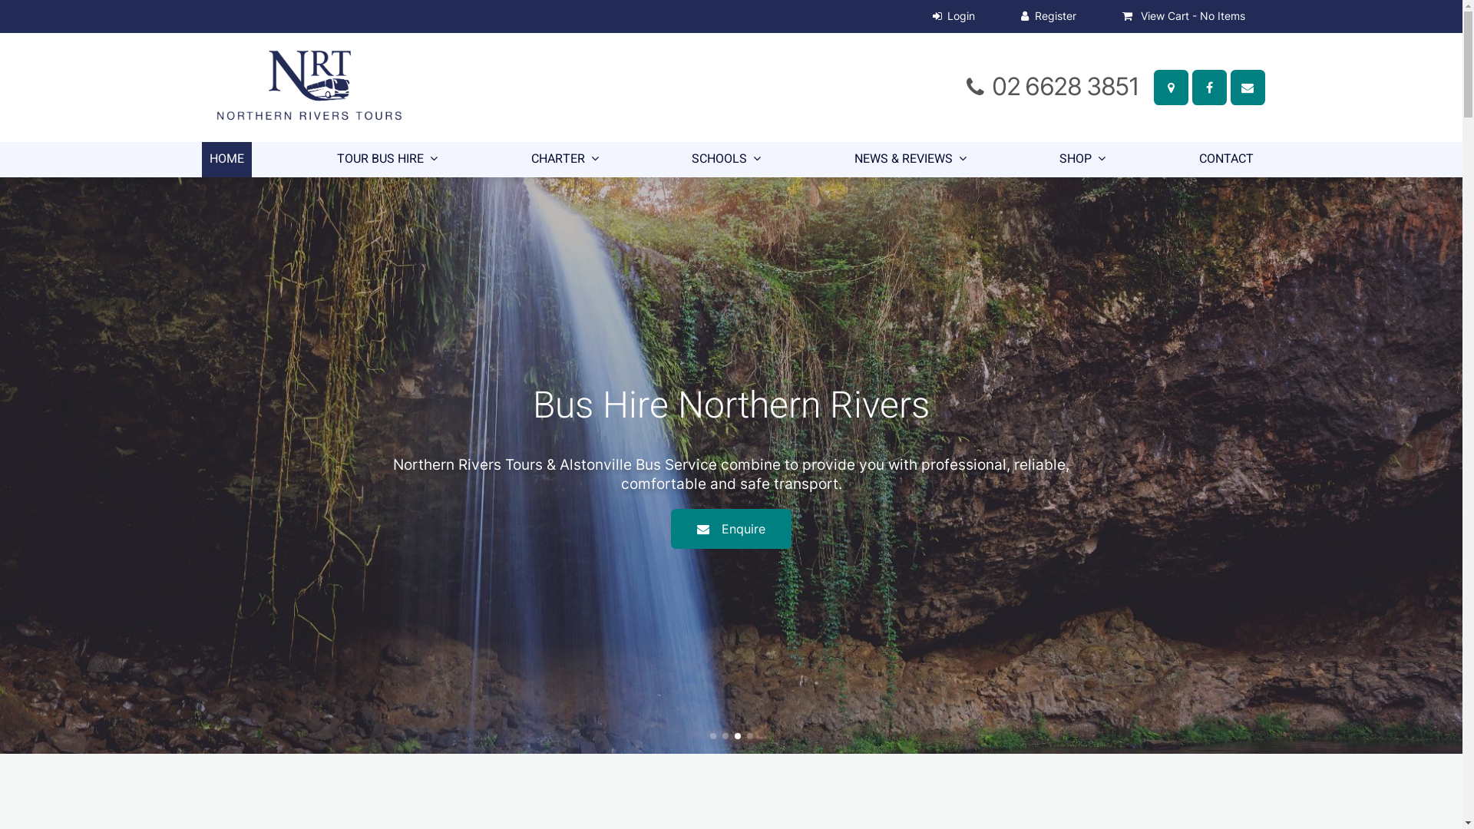  I want to click on 'View Cart - No Items', so click(1182, 16).